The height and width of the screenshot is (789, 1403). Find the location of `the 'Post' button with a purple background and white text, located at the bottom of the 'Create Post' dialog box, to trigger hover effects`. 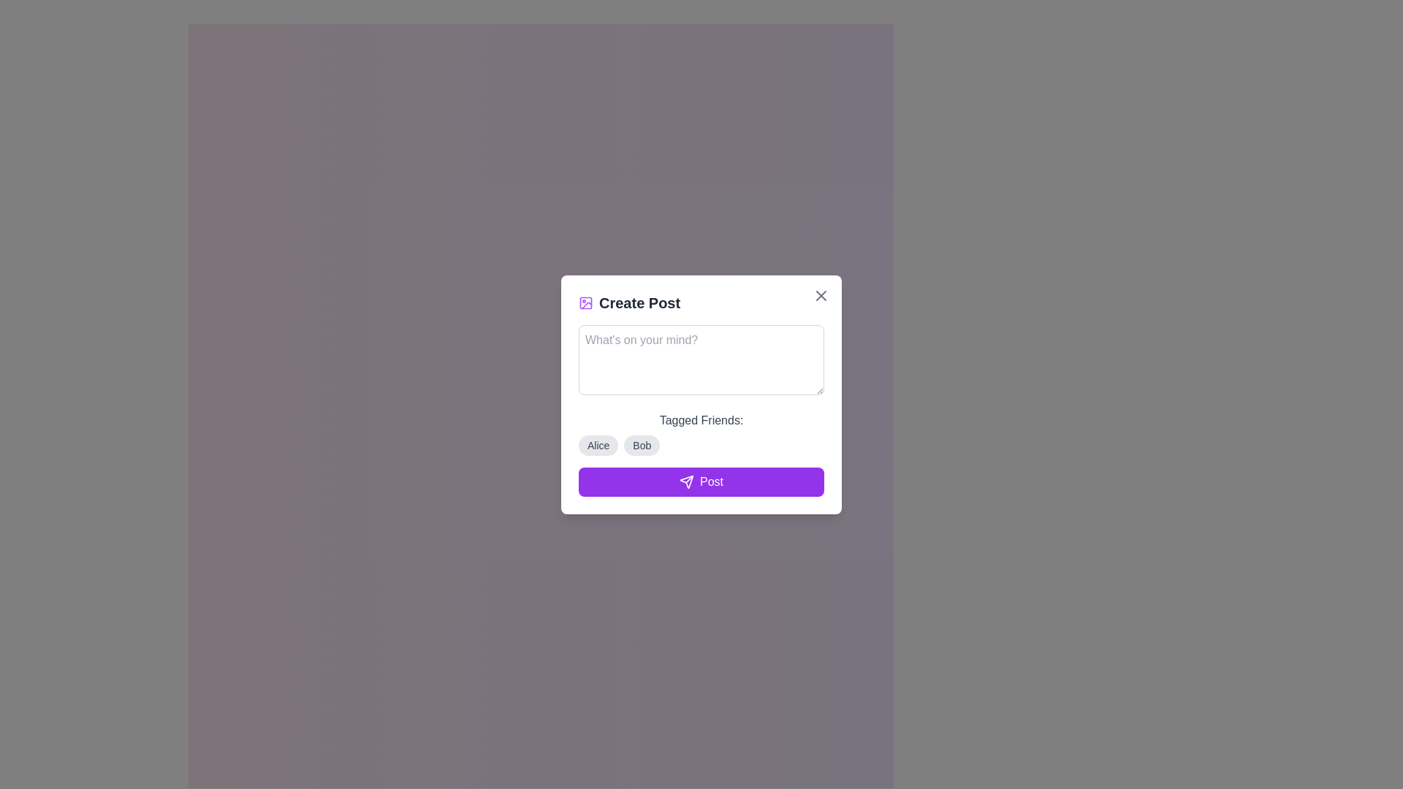

the 'Post' button with a purple background and white text, located at the bottom of the 'Create Post' dialog box, to trigger hover effects is located at coordinates (701, 481).